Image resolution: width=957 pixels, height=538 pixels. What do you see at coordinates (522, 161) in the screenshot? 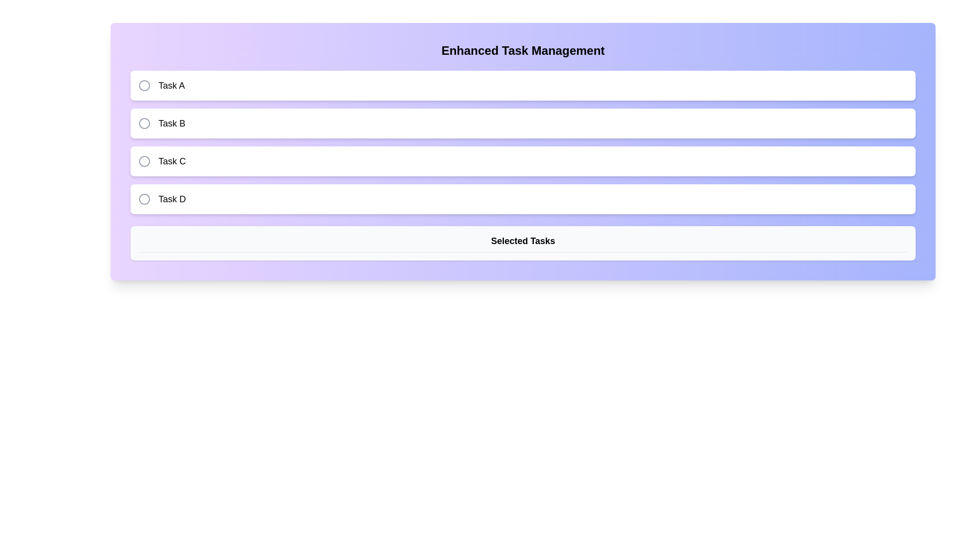
I see `the third selectable task item labeled 'Task C' with a circular selection indicator to initiate a related action` at bounding box center [522, 161].